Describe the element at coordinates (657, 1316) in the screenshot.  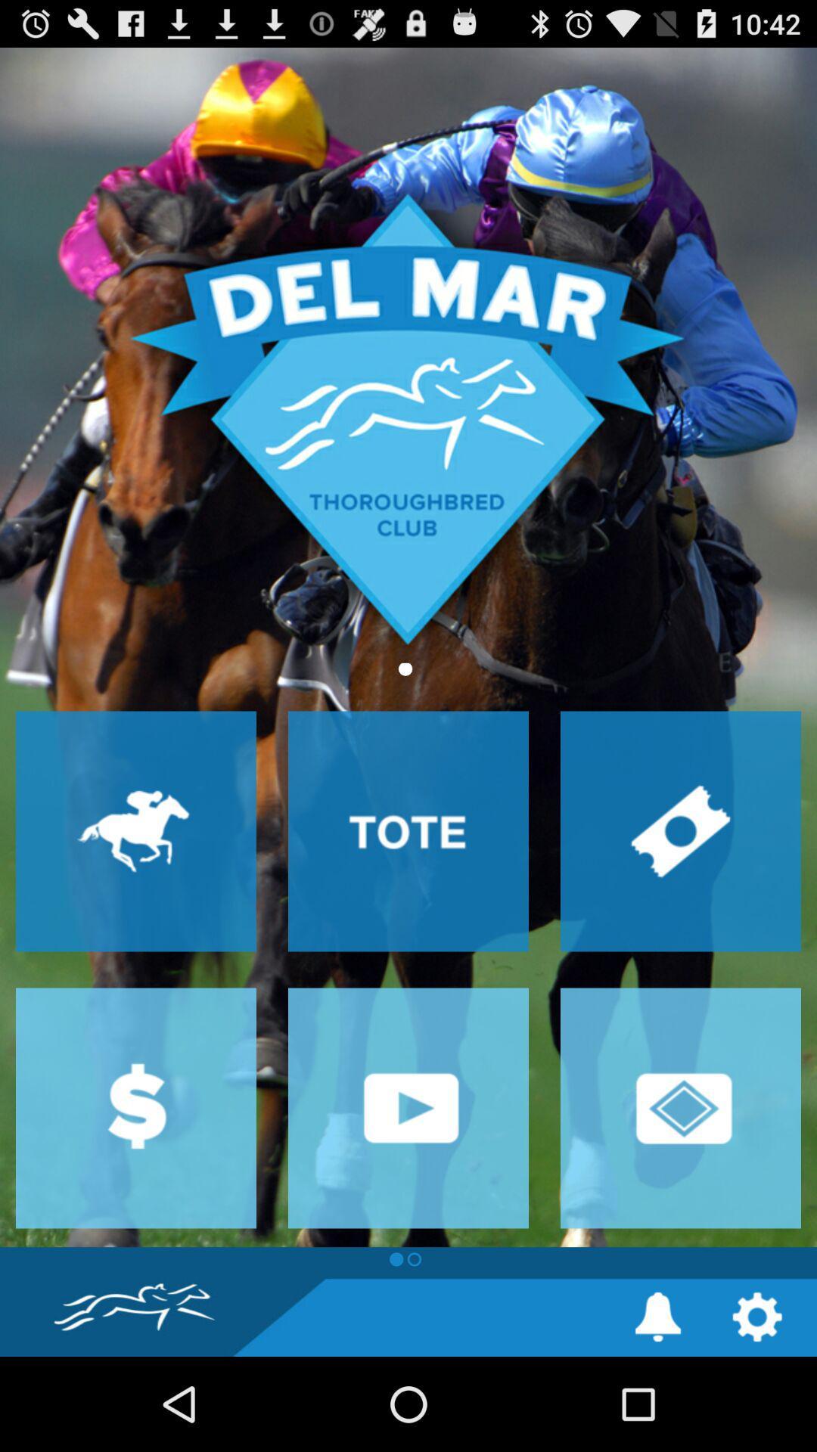
I see `notifications alert` at that location.